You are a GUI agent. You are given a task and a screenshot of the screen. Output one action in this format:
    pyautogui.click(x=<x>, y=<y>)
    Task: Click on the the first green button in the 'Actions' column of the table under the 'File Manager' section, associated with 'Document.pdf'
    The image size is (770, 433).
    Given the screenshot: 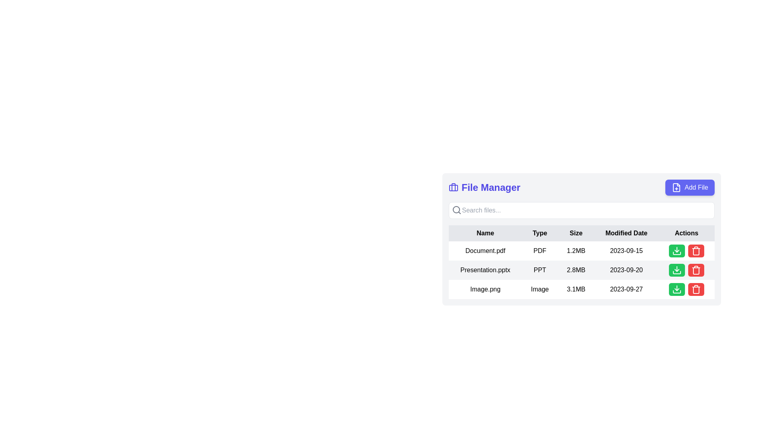 What is the action you would take?
    pyautogui.click(x=677, y=250)
    